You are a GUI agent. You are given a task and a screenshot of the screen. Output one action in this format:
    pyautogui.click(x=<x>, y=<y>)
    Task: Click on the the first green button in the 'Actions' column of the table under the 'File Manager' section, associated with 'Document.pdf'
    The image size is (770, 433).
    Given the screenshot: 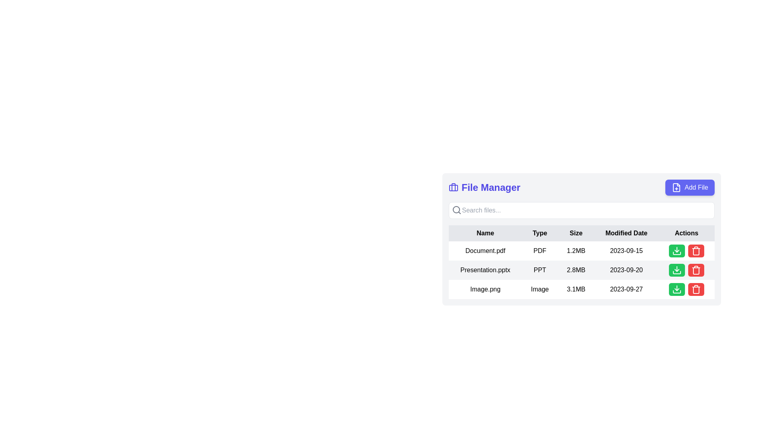 What is the action you would take?
    pyautogui.click(x=677, y=250)
    